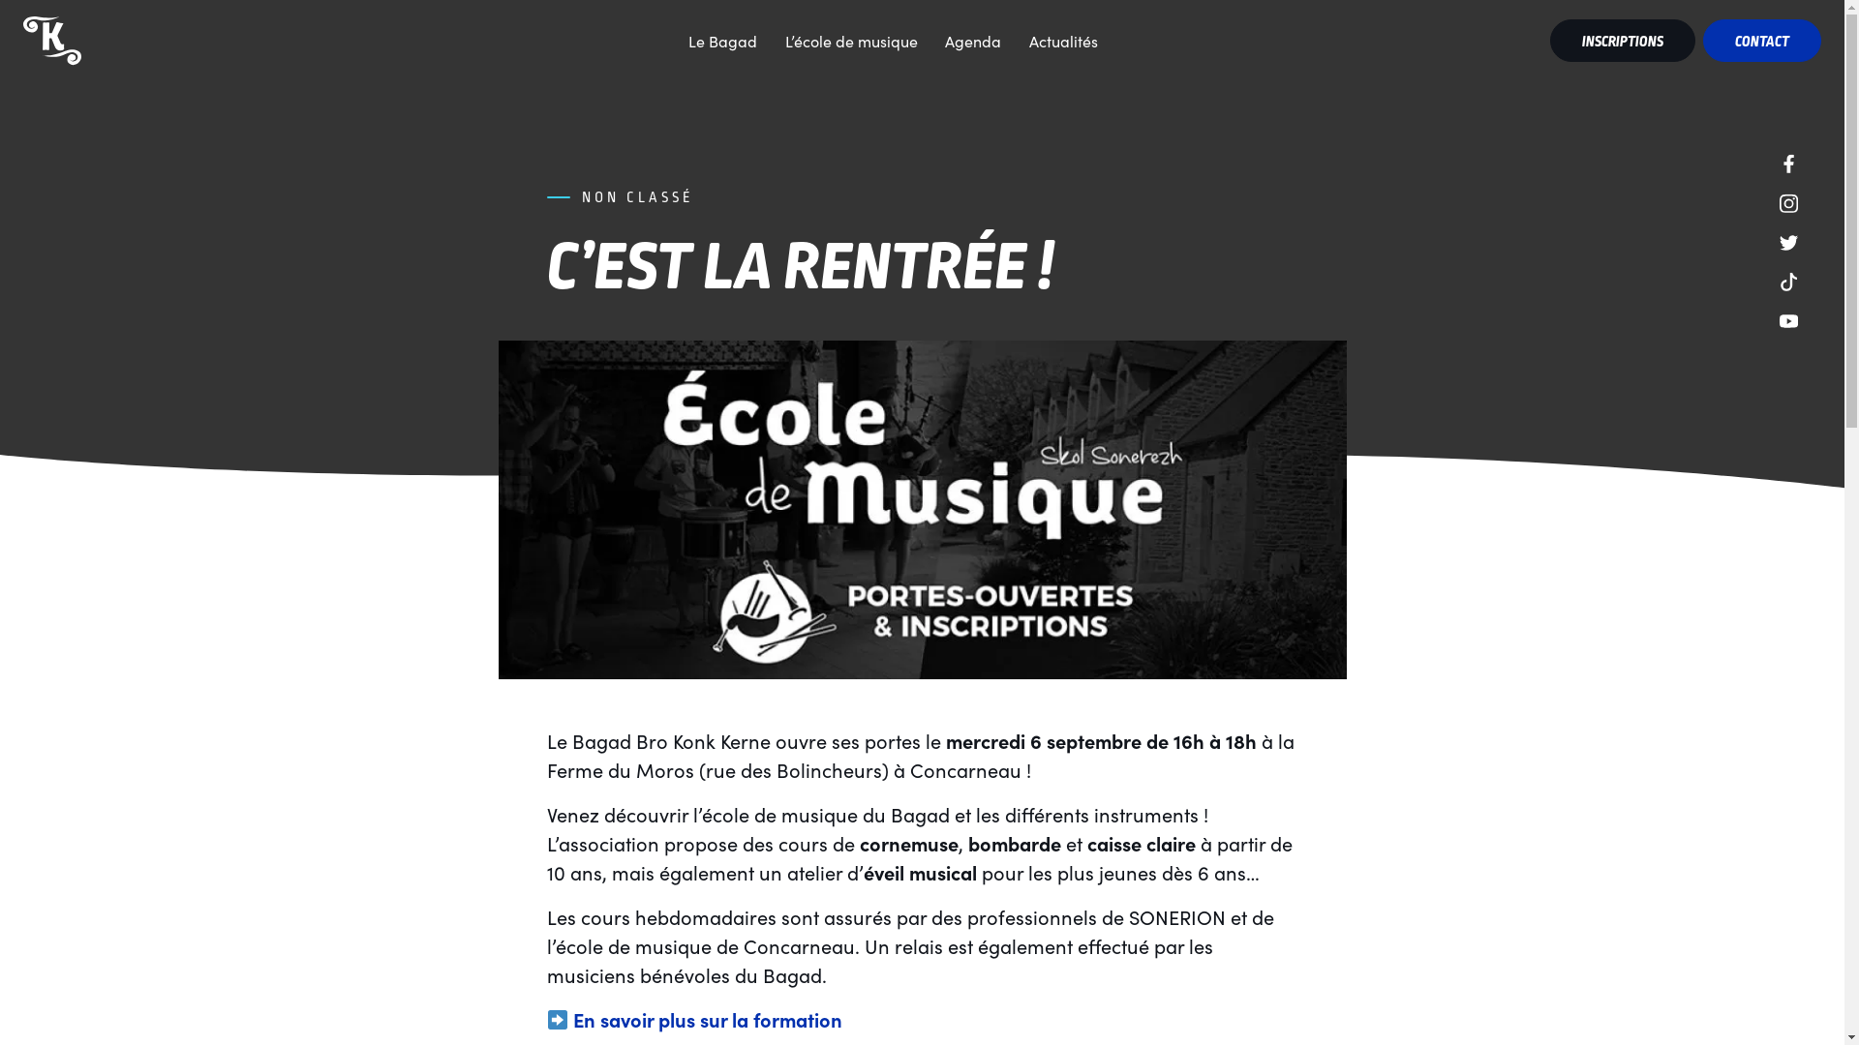 Image resolution: width=1859 pixels, height=1045 pixels. Describe the element at coordinates (1701, 41) in the screenshot. I see `'CONTACT'` at that location.